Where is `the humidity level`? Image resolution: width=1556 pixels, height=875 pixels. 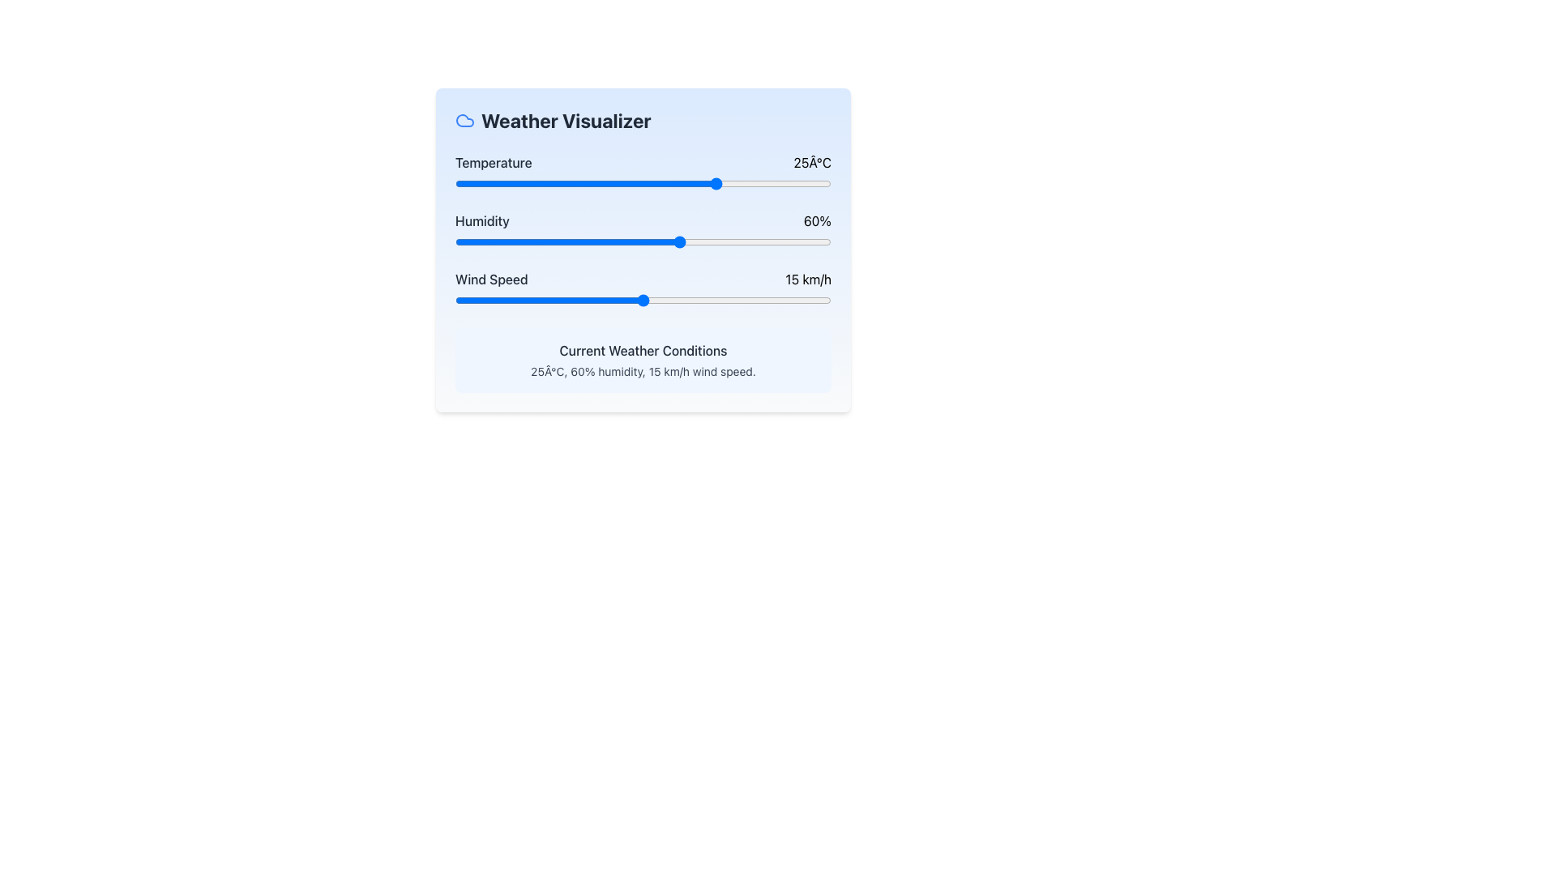 the humidity level is located at coordinates (770, 242).